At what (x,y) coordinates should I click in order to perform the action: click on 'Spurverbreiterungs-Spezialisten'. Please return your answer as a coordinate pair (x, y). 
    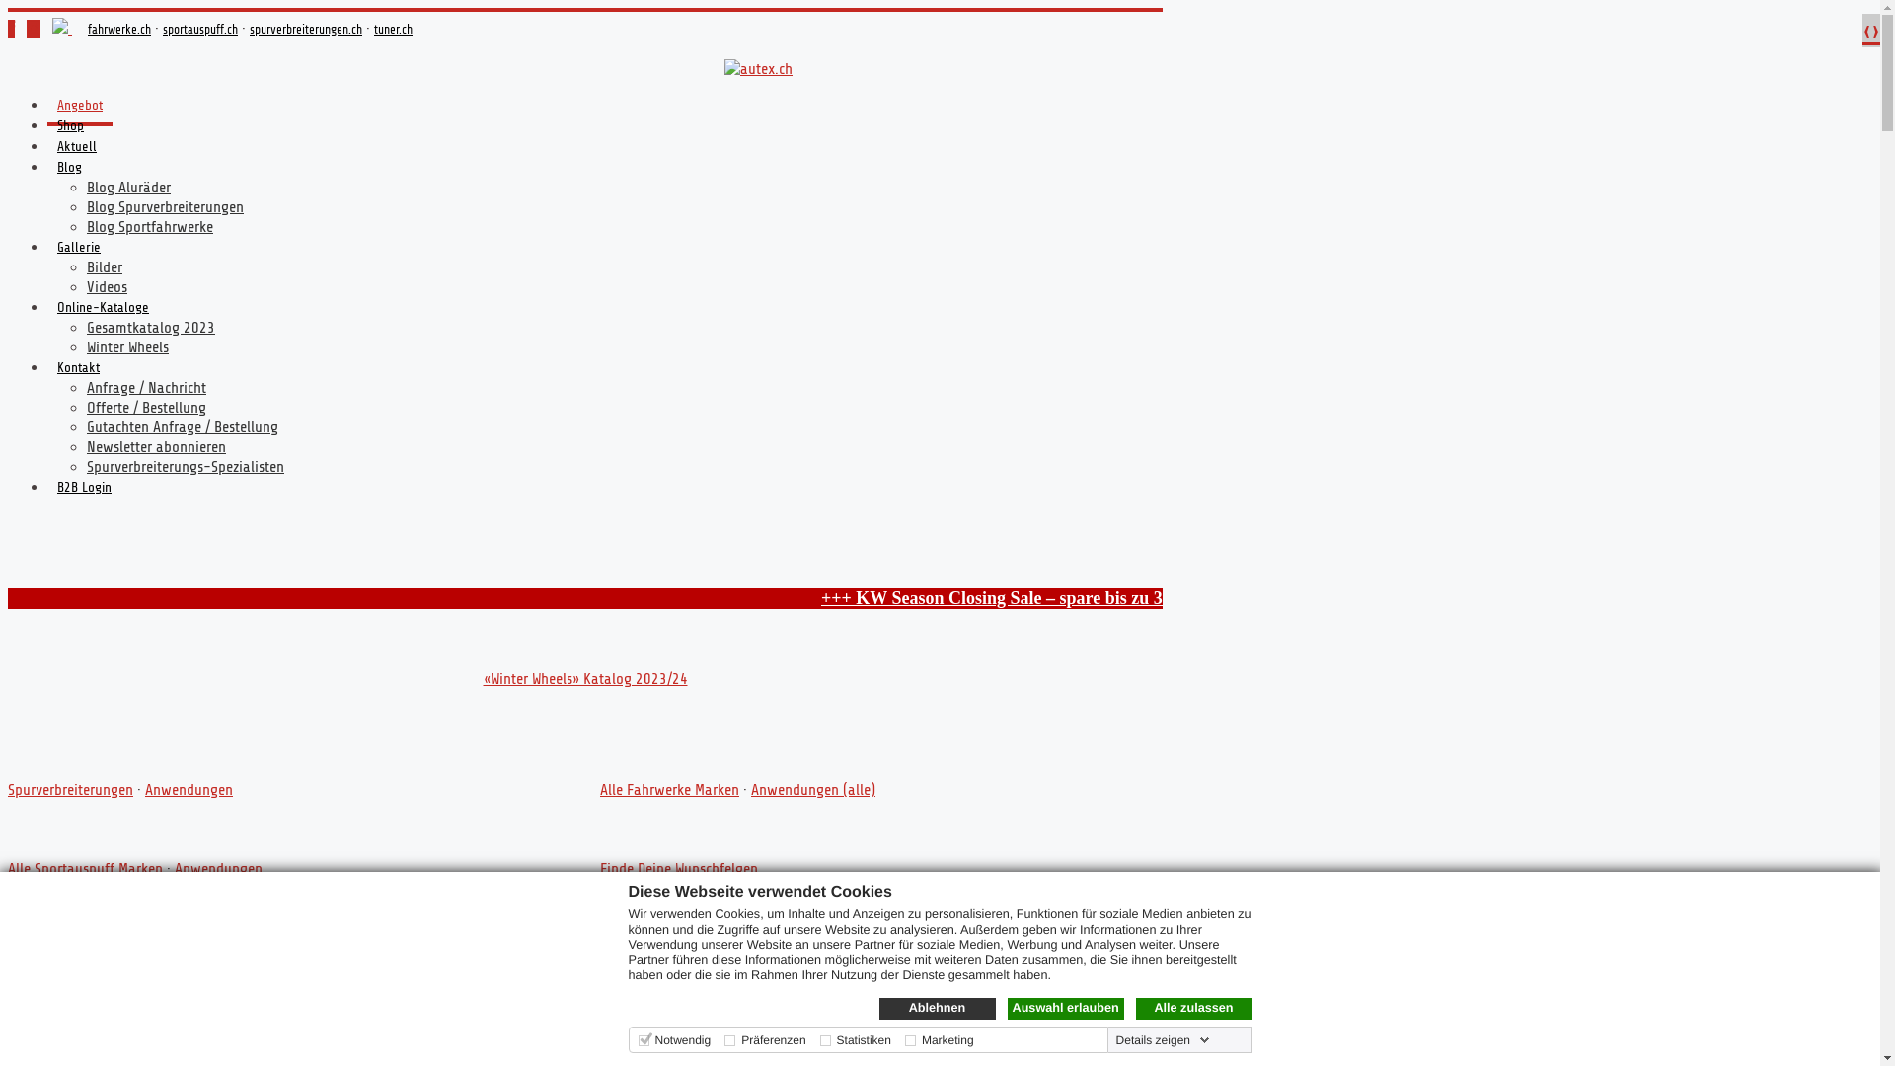
    Looking at the image, I should click on (85, 467).